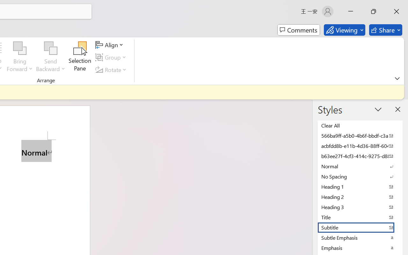 This screenshot has width=408, height=255. What do you see at coordinates (80, 57) in the screenshot?
I see `'Selection Pane...'` at bounding box center [80, 57].